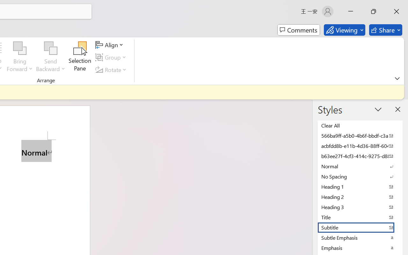 This screenshot has width=408, height=255. What do you see at coordinates (80, 57) in the screenshot?
I see `'Selection Pane...'` at bounding box center [80, 57].